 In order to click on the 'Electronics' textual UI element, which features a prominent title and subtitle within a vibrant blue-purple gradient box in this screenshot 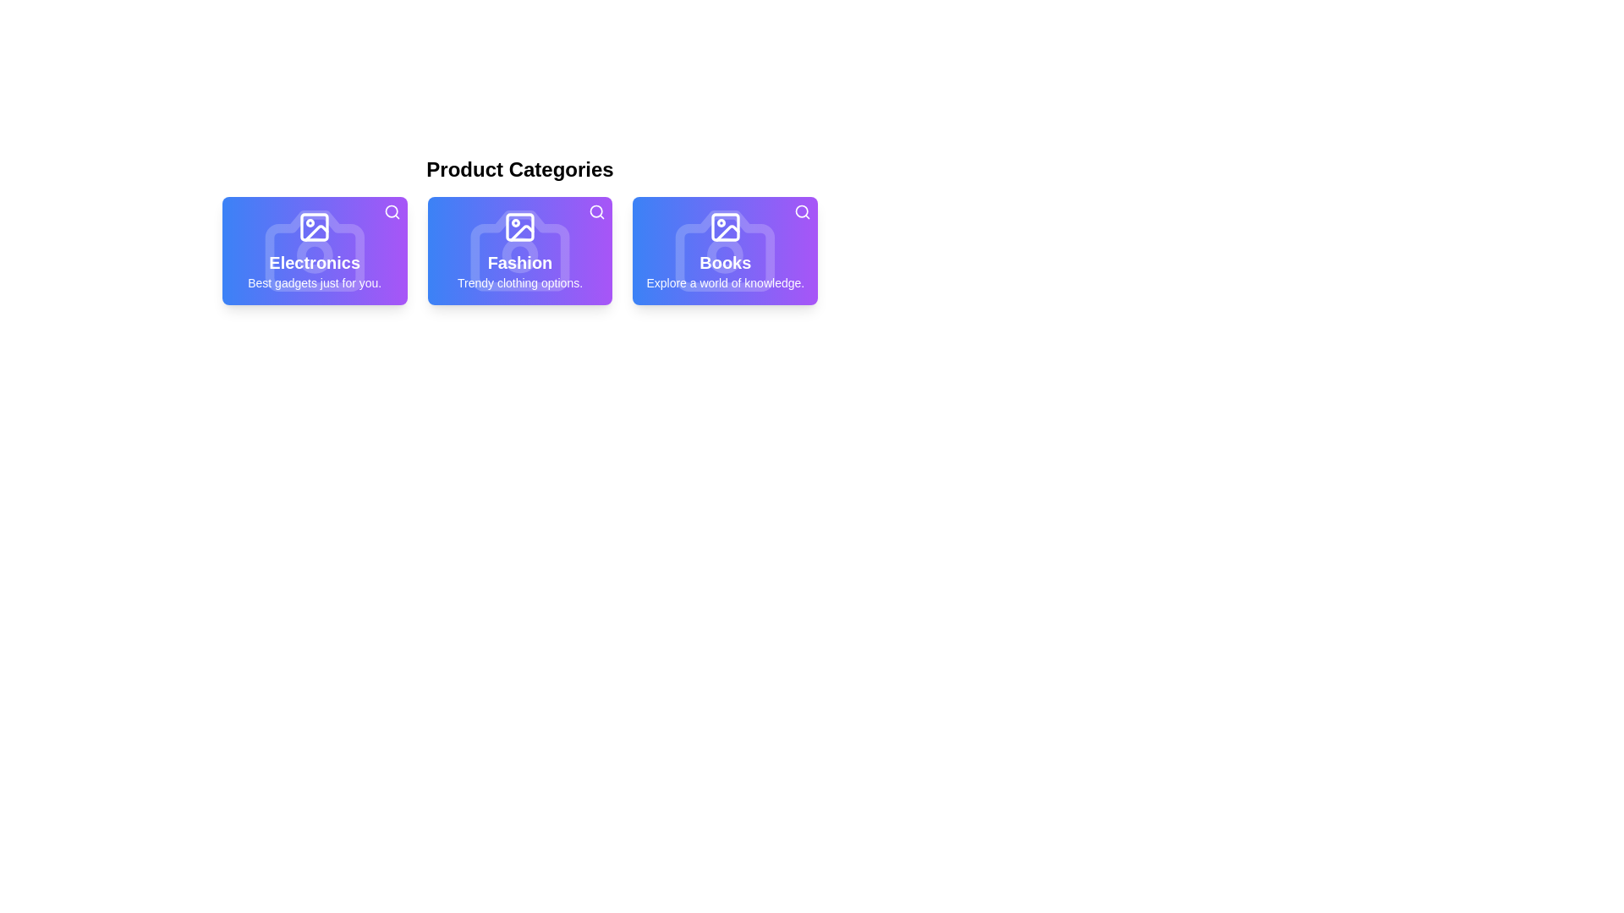, I will do `click(315, 251)`.